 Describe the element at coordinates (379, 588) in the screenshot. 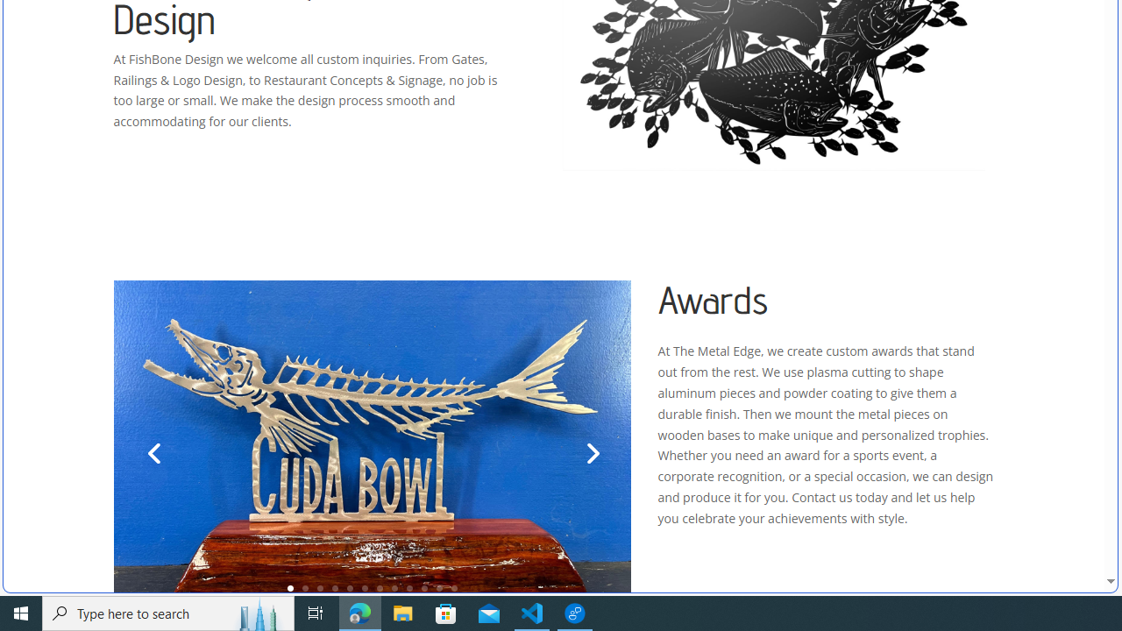

I see `'7'` at that location.